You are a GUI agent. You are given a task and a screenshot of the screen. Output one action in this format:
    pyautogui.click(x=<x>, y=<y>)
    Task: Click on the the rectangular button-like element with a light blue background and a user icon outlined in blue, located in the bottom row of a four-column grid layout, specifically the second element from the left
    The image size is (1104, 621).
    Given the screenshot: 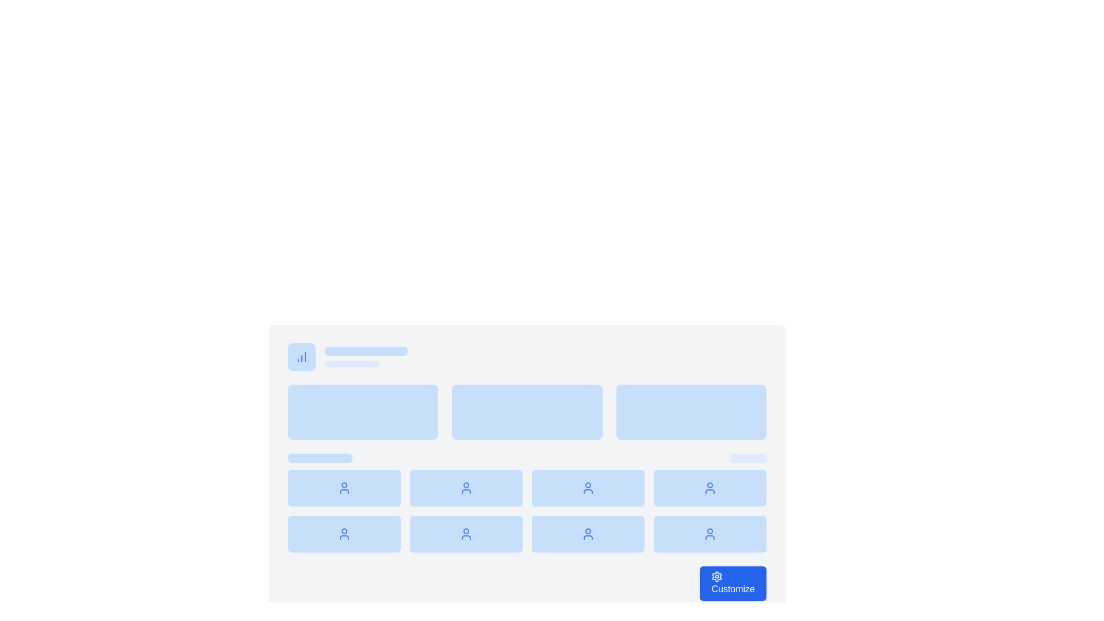 What is the action you would take?
    pyautogui.click(x=466, y=534)
    